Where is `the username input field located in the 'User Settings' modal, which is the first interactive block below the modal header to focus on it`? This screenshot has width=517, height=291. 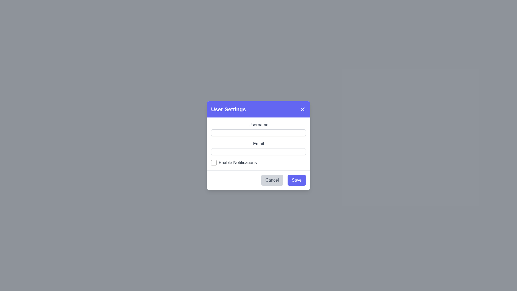
the username input field located in the 'User Settings' modal, which is the first interactive block below the modal header to focus on it is located at coordinates (258, 129).